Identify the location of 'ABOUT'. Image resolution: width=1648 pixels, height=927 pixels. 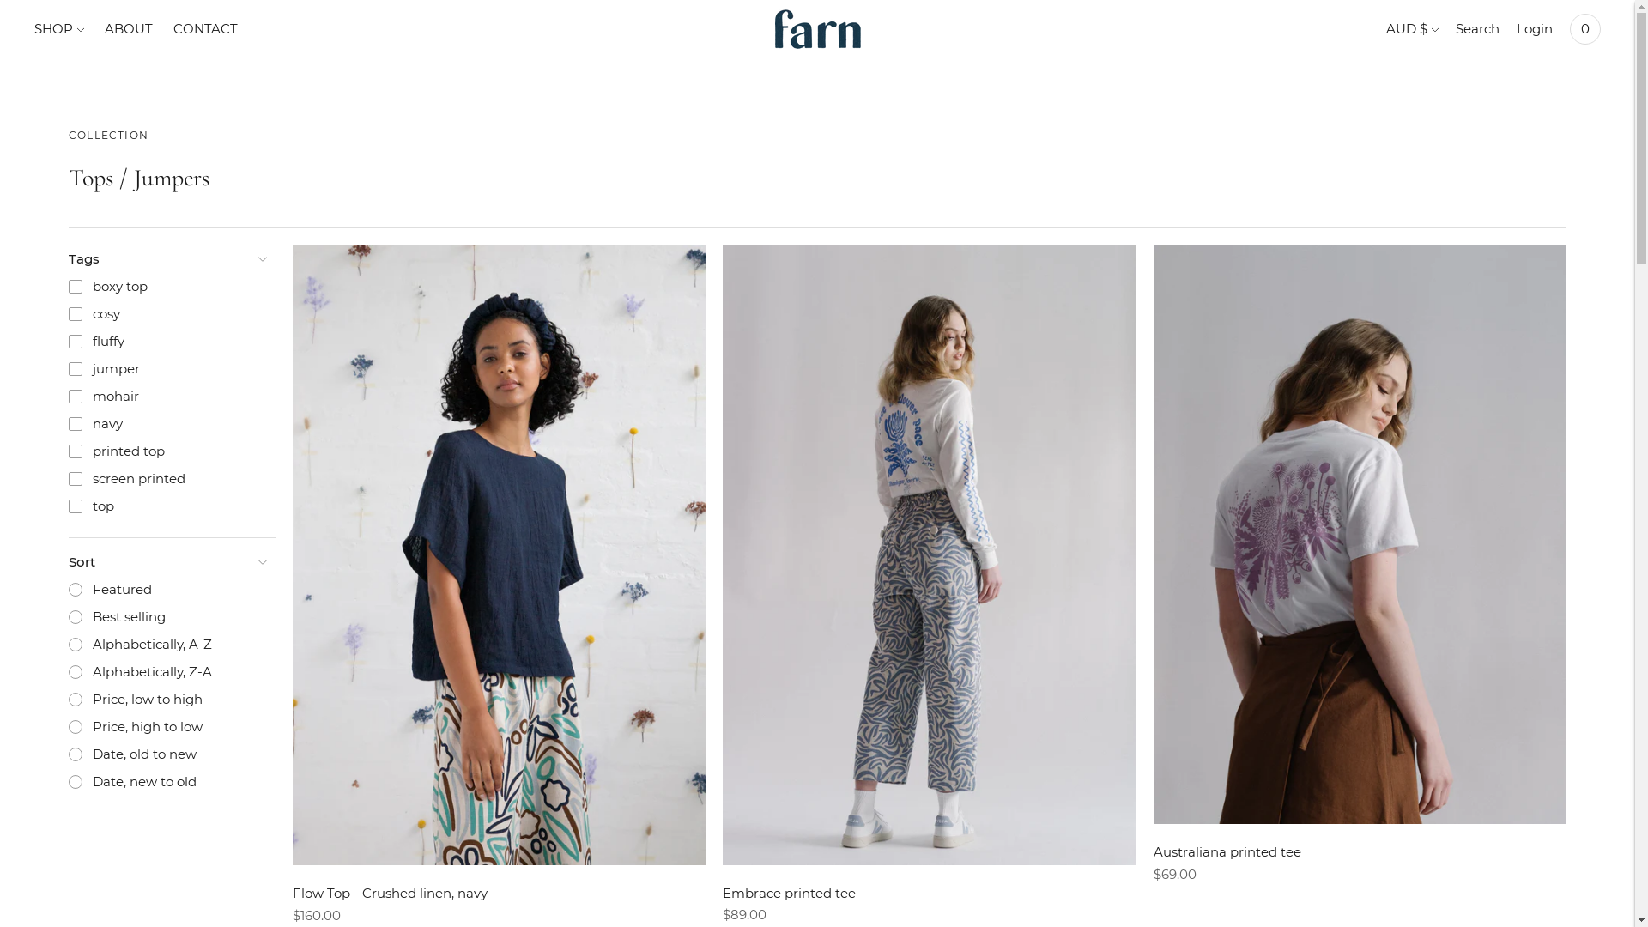
(127, 29).